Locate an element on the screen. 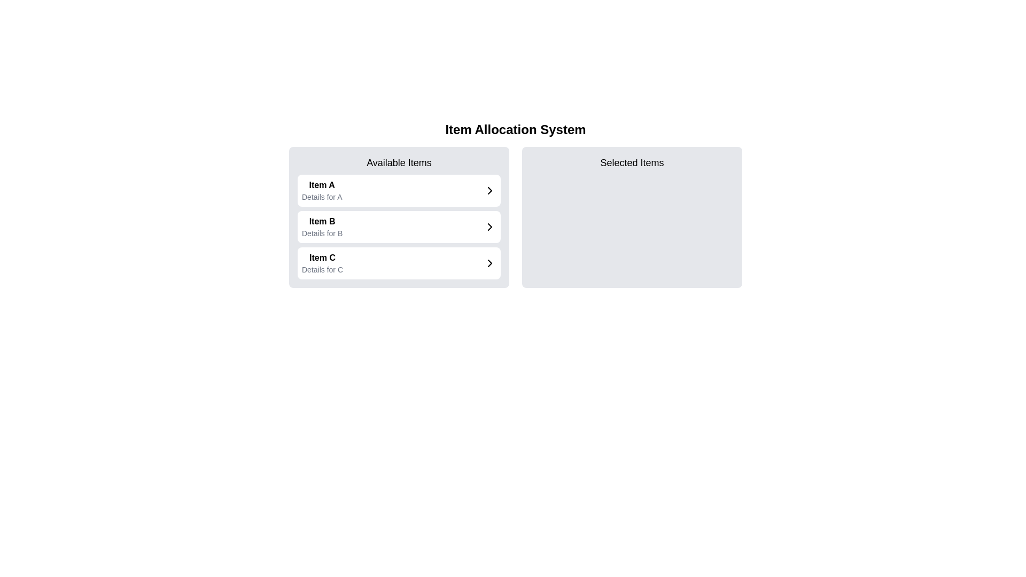 The width and height of the screenshot is (1026, 577). the clickable list item labeled 'Item B' is located at coordinates (399, 226).